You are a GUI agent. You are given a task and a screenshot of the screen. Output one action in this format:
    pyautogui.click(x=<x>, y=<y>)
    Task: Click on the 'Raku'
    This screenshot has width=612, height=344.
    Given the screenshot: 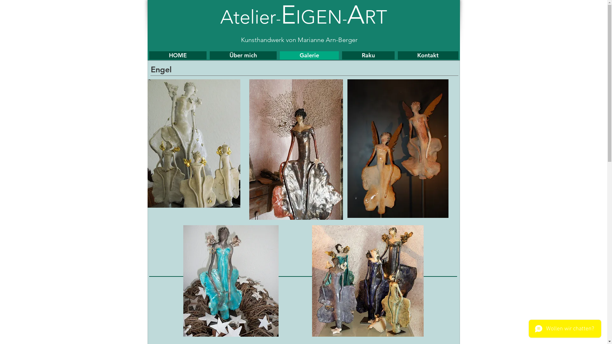 What is the action you would take?
    pyautogui.click(x=368, y=55)
    